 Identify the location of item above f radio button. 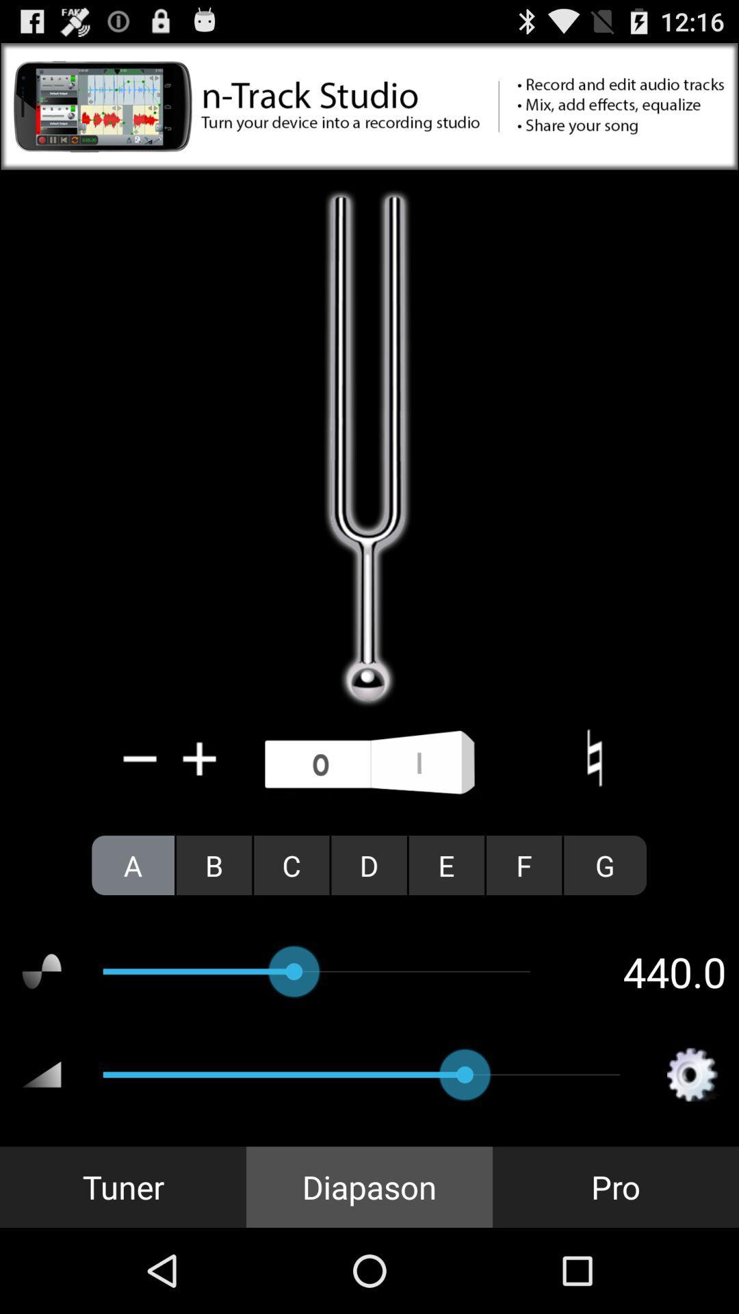
(593, 758).